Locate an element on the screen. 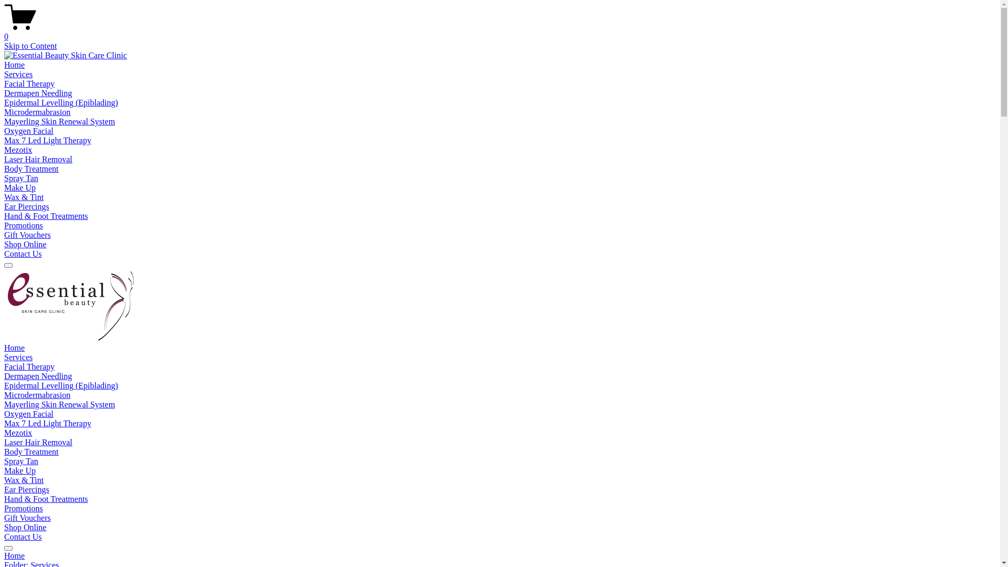 Image resolution: width=1008 pixels, height=567 pixels. 'Oxygen Facial' is located at coordinates (28, 130).